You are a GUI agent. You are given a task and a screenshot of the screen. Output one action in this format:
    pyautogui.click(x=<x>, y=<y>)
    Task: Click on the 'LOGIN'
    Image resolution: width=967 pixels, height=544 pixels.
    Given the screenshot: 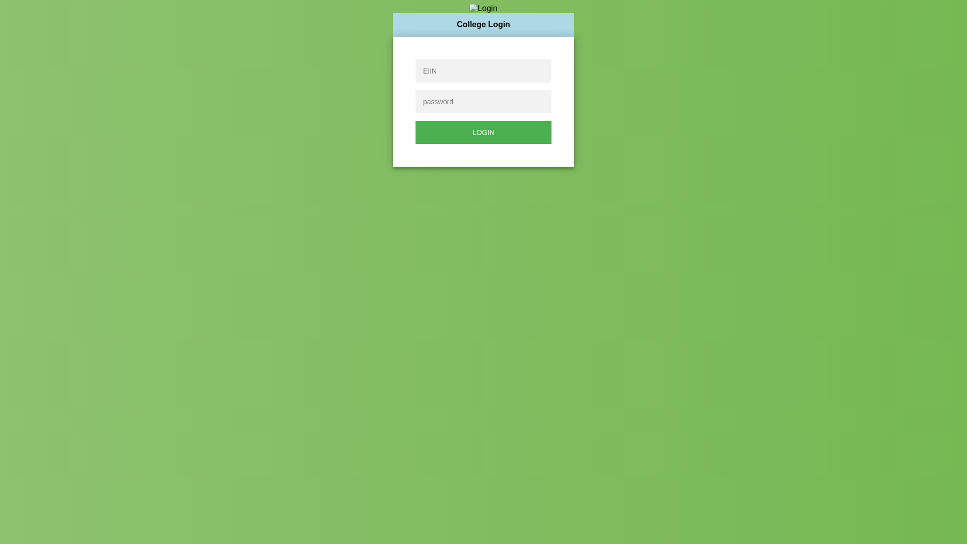 What is the action you would take?
    pyautogui.click(x=483, y=131)
    